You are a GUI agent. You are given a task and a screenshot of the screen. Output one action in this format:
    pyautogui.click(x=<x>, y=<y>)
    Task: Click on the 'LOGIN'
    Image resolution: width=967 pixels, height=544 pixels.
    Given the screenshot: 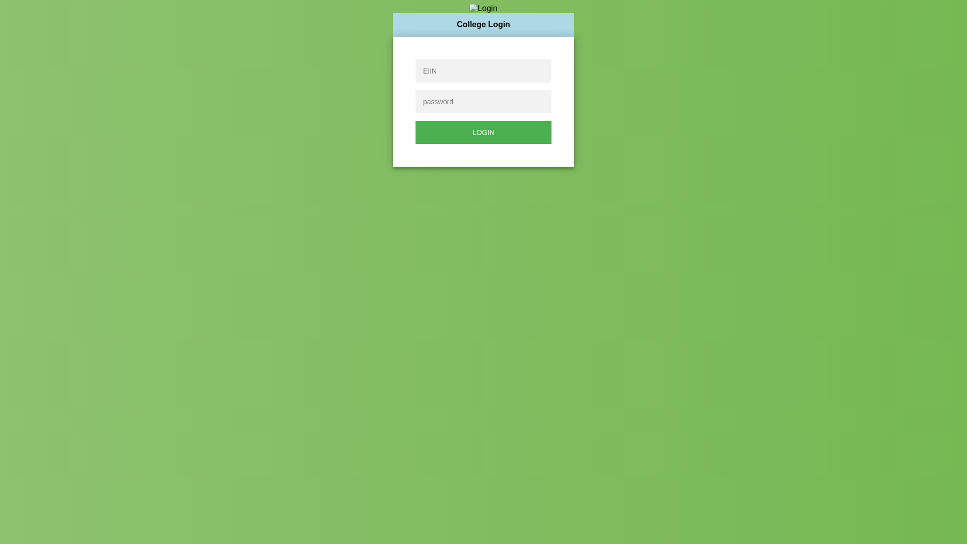 What is the action you would take?
    pyautogui.click(x=483, y=131)
    